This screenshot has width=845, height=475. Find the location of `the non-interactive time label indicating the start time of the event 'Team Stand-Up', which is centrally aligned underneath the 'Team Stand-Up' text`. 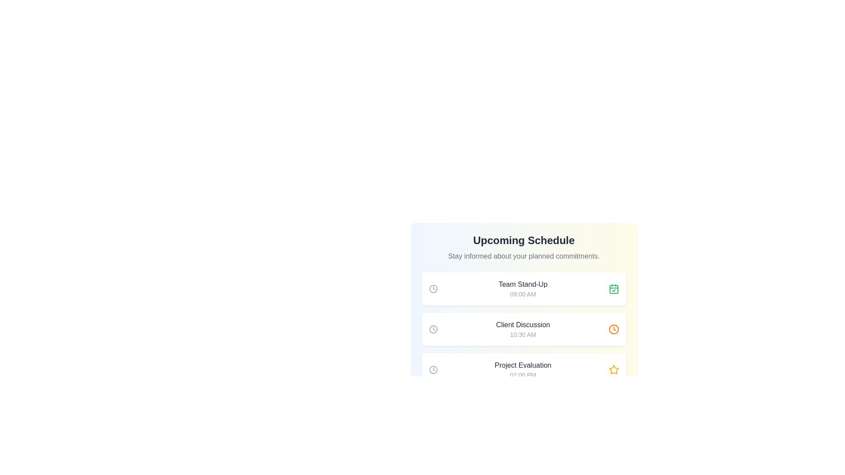

the non-interactive time label indicating the start time of the event 'Team Stand-Up', which is centrally aligned underneath the 'Team Stand-Up' text is located at coordinates (523, 294).